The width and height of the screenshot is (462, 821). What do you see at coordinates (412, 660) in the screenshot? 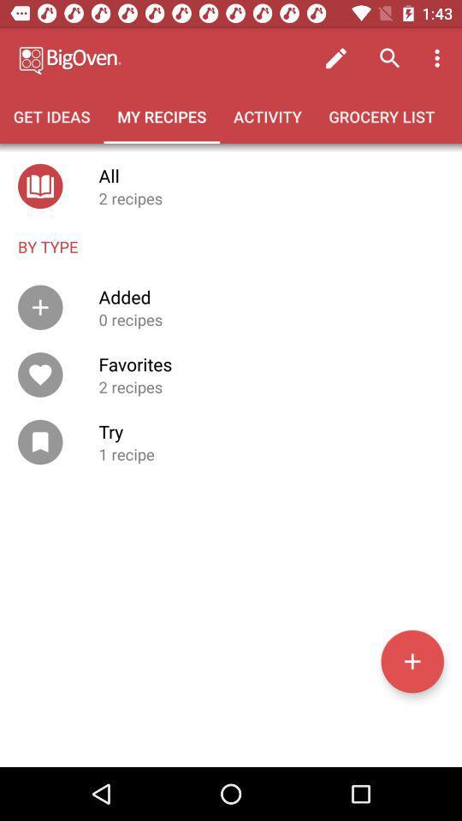
I see `the add icon` at bounding box center [412, 660].